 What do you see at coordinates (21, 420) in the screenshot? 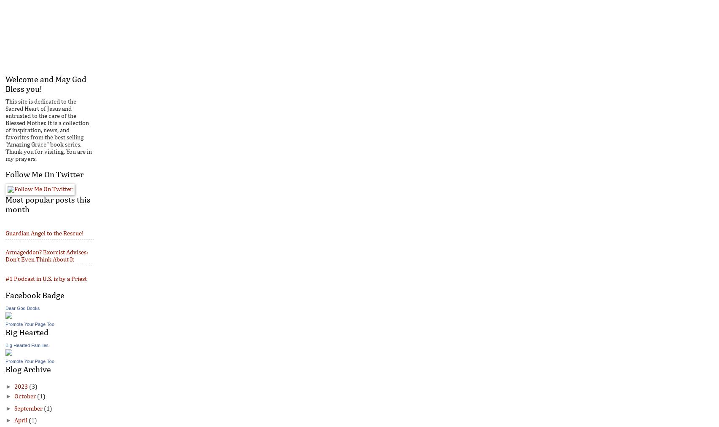
I see `'April'` at bounding box center [21, 420].